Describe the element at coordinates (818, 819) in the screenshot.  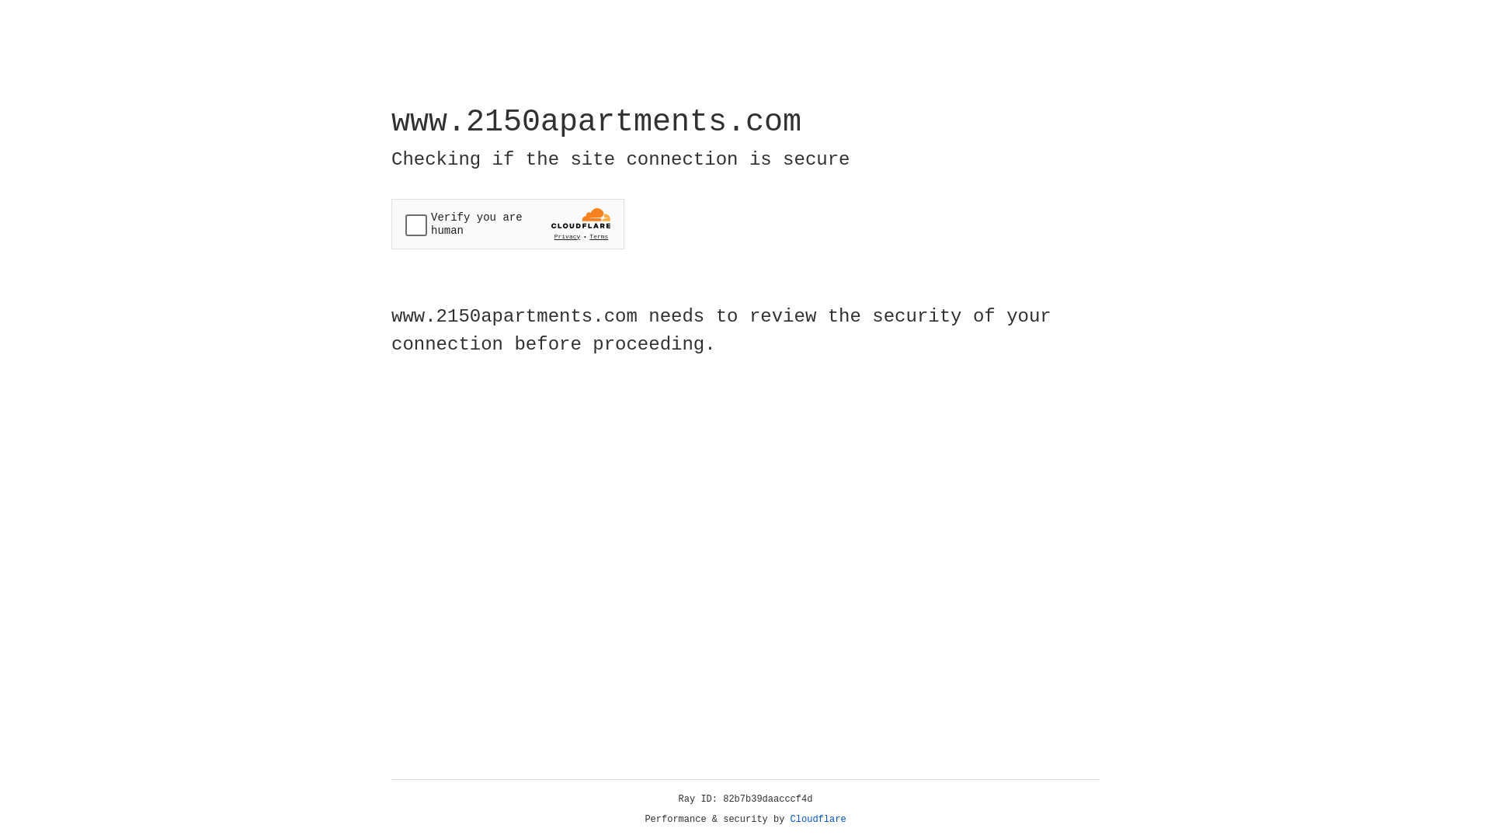
I see `'Cloudflare'` at that location.